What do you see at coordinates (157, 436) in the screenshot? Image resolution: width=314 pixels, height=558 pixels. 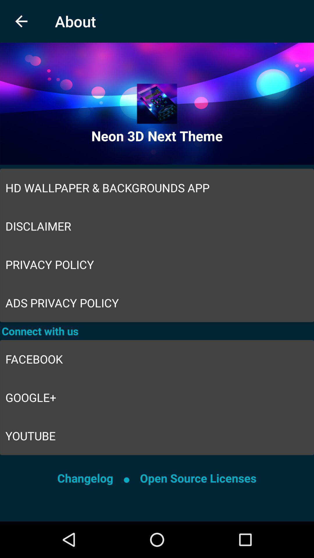 I see `icon below the google+` at bounding box center [157, 436].